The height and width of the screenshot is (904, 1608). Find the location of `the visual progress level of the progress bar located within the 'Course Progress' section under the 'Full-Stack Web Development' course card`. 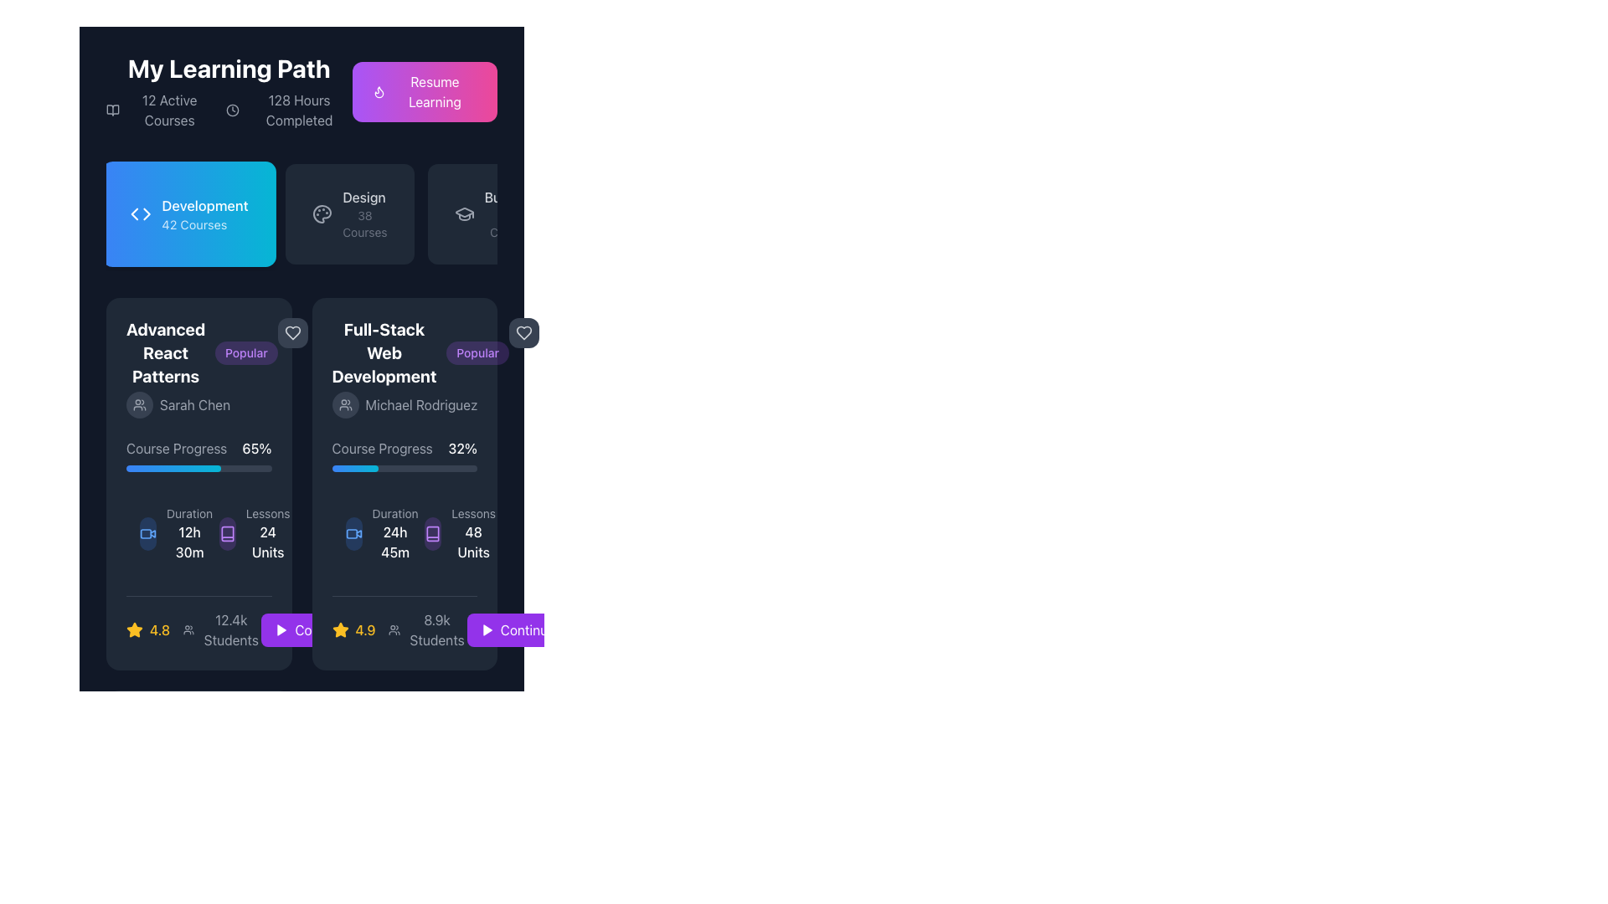

the visual progress level of the progress bar located within the 'Course Progress' section under the 'Full-Stack Web Development' course card is located at coordinates (173, 468).